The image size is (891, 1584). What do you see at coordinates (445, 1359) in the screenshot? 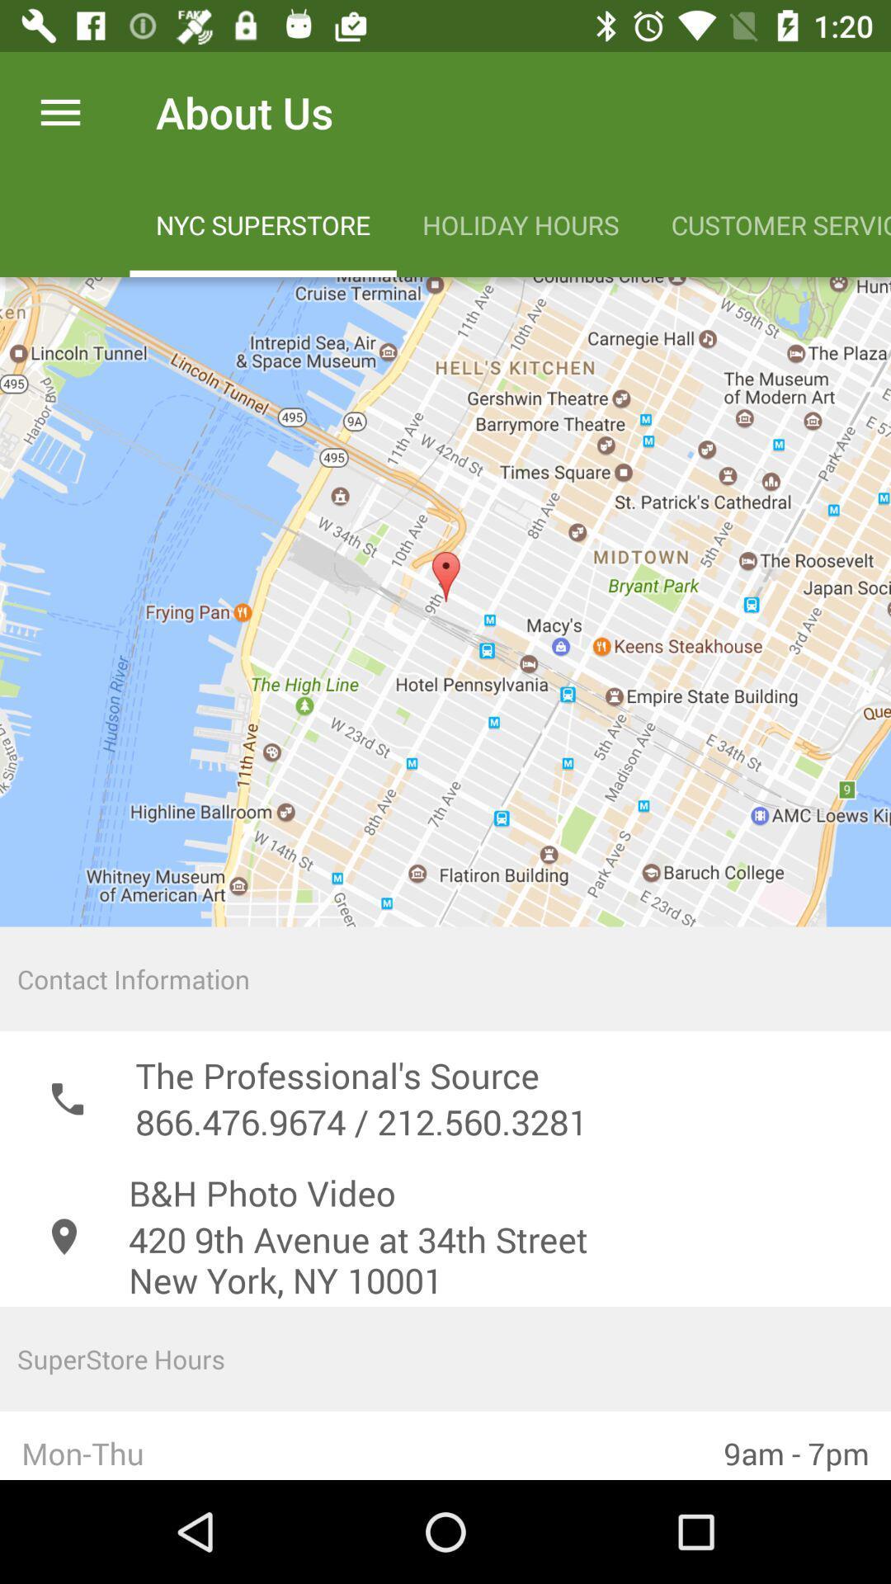
I see `the item above the mon-thu` at bounding box center [445, 1359].